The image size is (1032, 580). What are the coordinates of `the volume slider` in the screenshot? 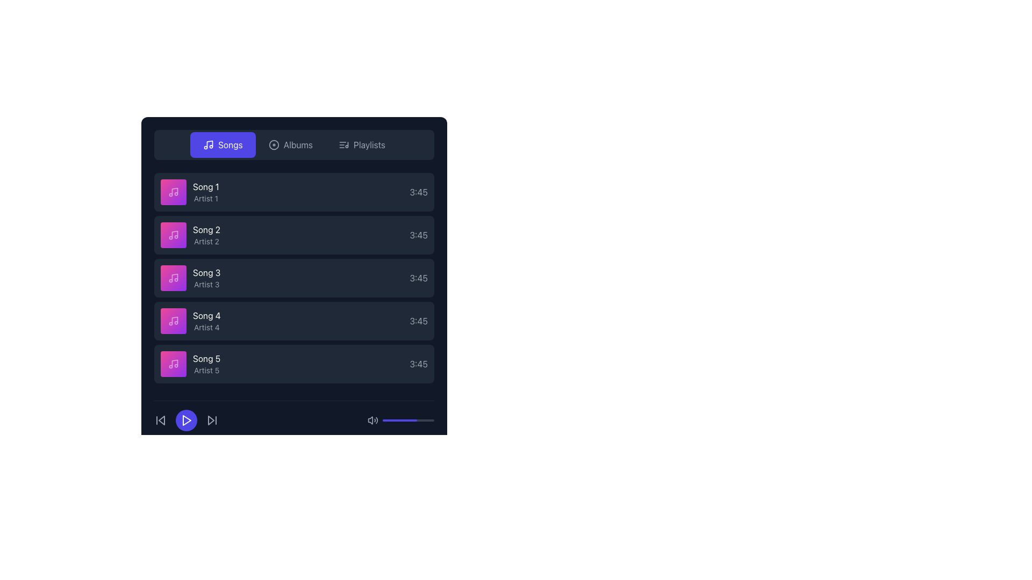 It's located at (418, 420).